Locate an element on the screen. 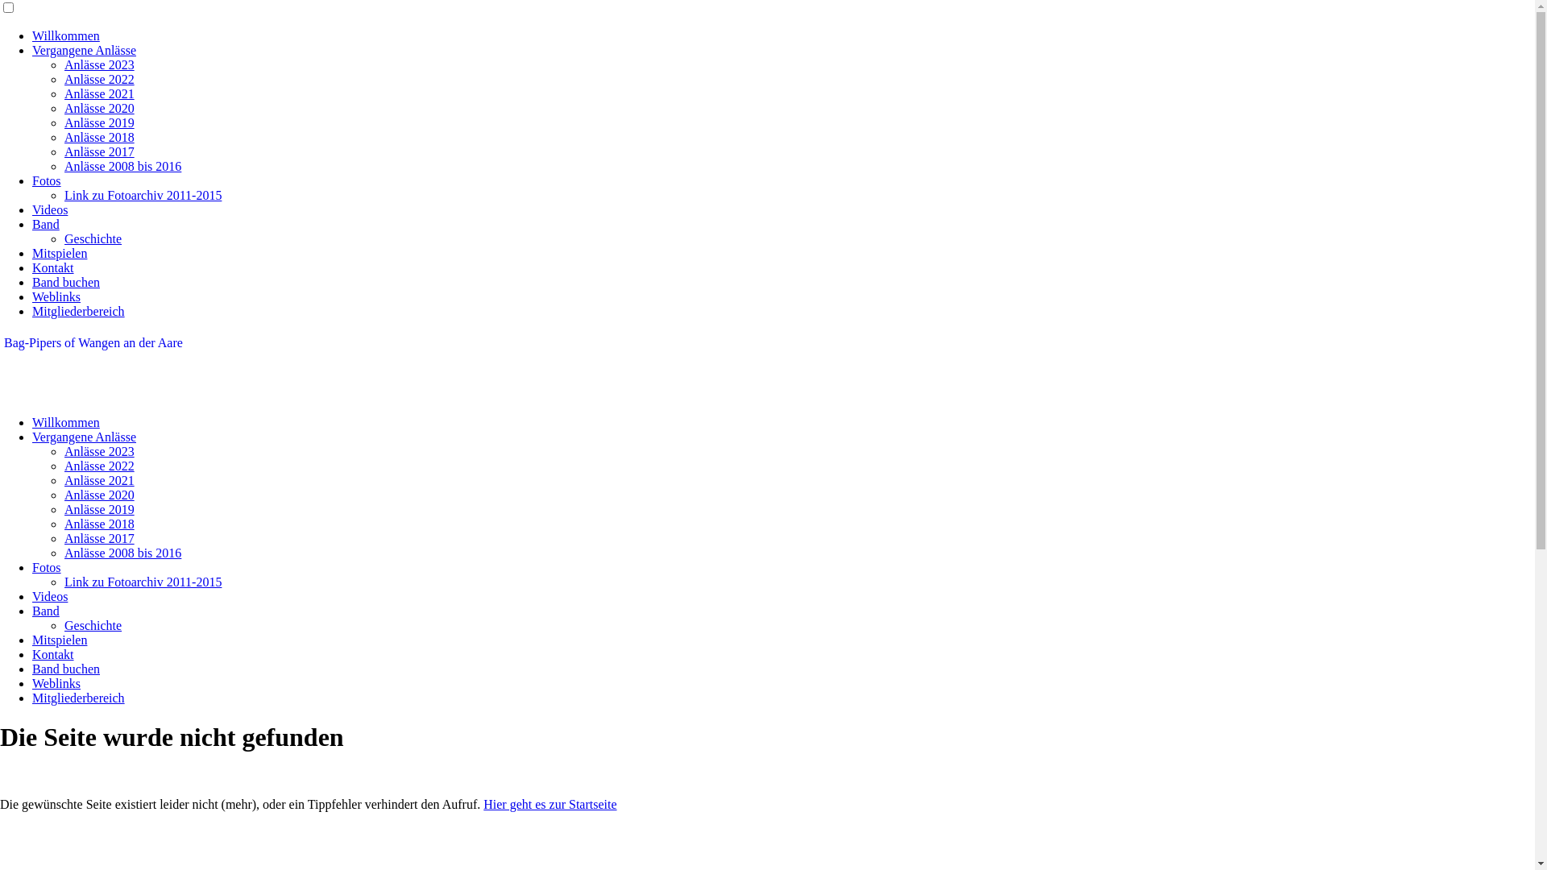  'Mitgliederbereich' is located at coordinates (77, 311).